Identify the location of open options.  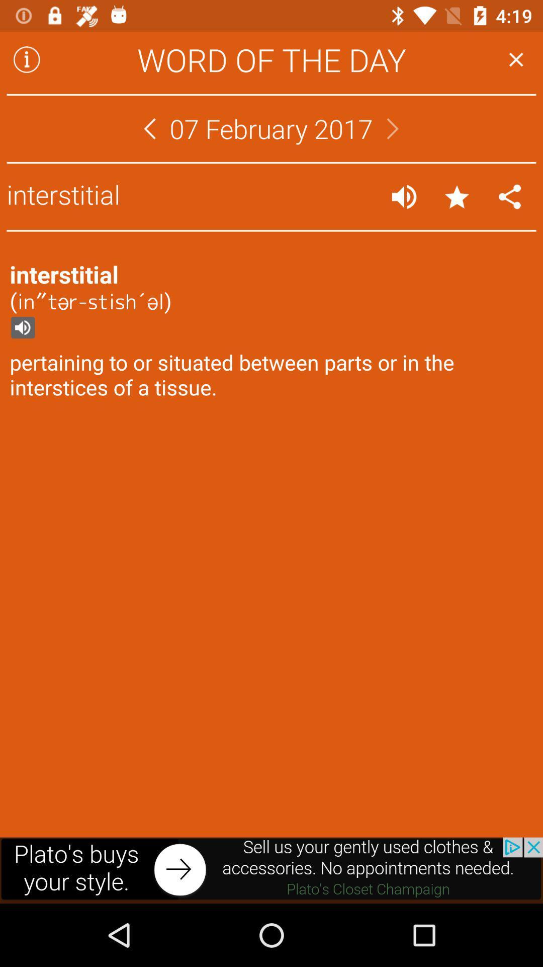
(510, 196).